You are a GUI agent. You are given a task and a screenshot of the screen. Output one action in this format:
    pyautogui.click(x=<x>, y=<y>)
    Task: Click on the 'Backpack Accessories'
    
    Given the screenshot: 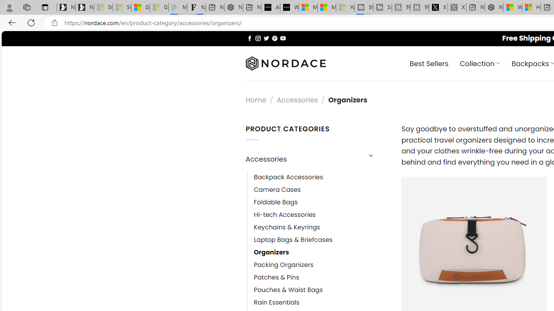 What is the action you would take?
    pyautogui.click(x=321, y=177)
    